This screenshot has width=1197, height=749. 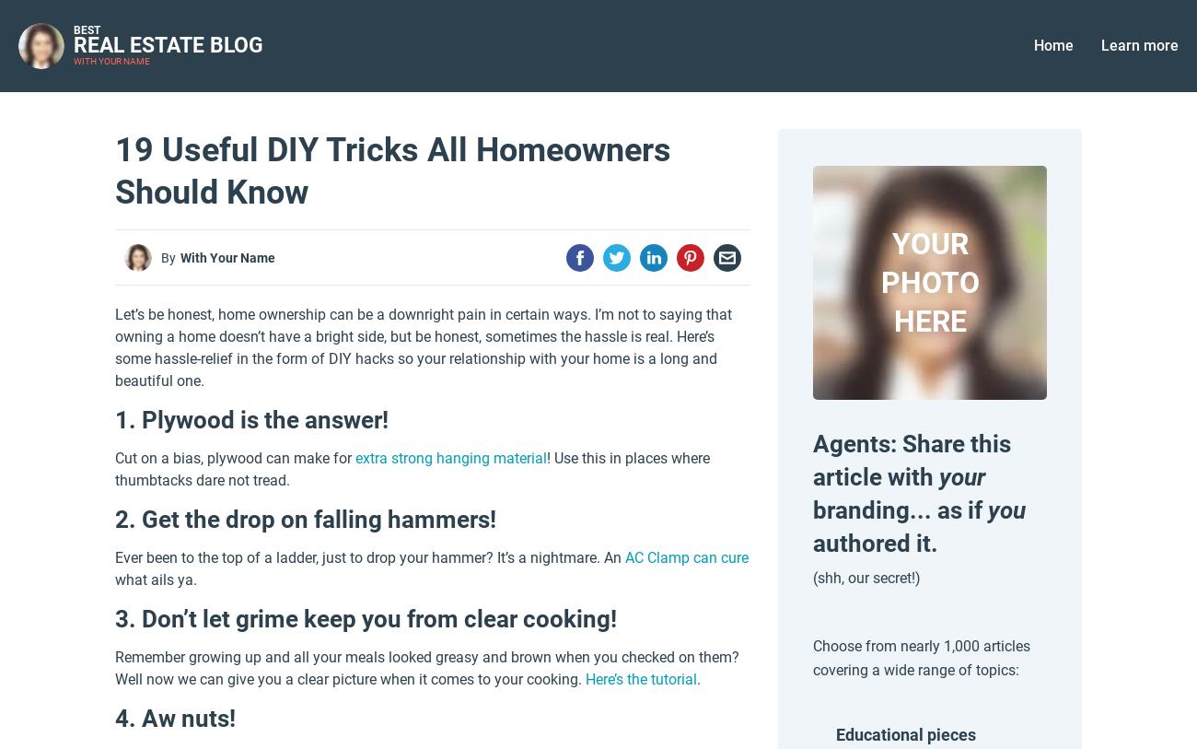 What do you see at coordinates (640, 679) in the screenshot?
I see `'Here’s the tutorial'` at bounding box center [640, 679].